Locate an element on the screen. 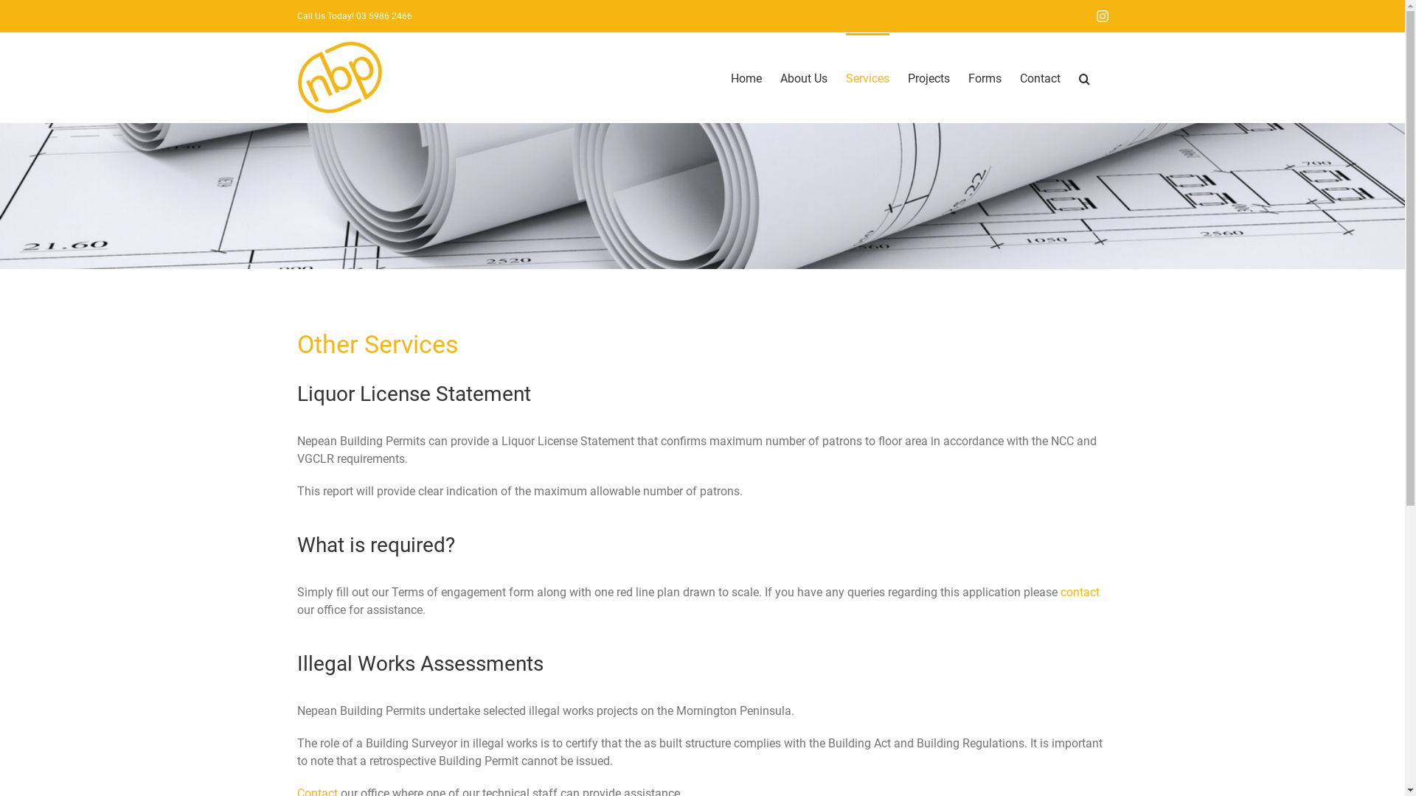  'Instagram' is located at coordinates (1101, 16).